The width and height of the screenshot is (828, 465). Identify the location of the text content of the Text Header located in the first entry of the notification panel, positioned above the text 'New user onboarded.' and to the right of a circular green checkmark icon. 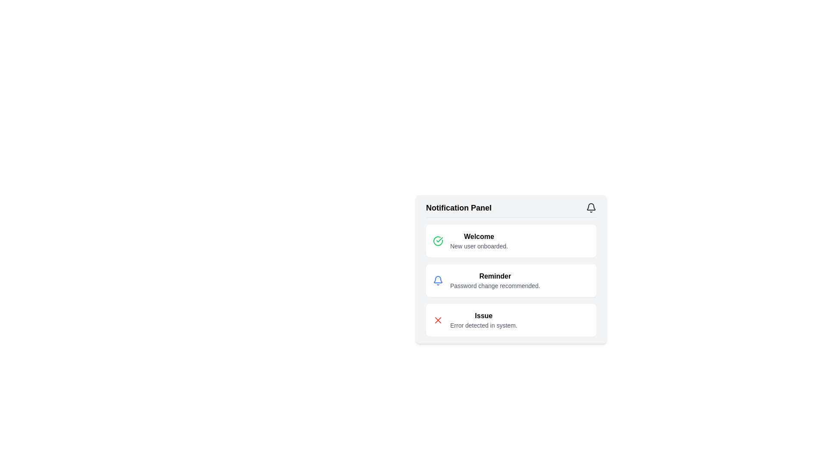
(478, 237).